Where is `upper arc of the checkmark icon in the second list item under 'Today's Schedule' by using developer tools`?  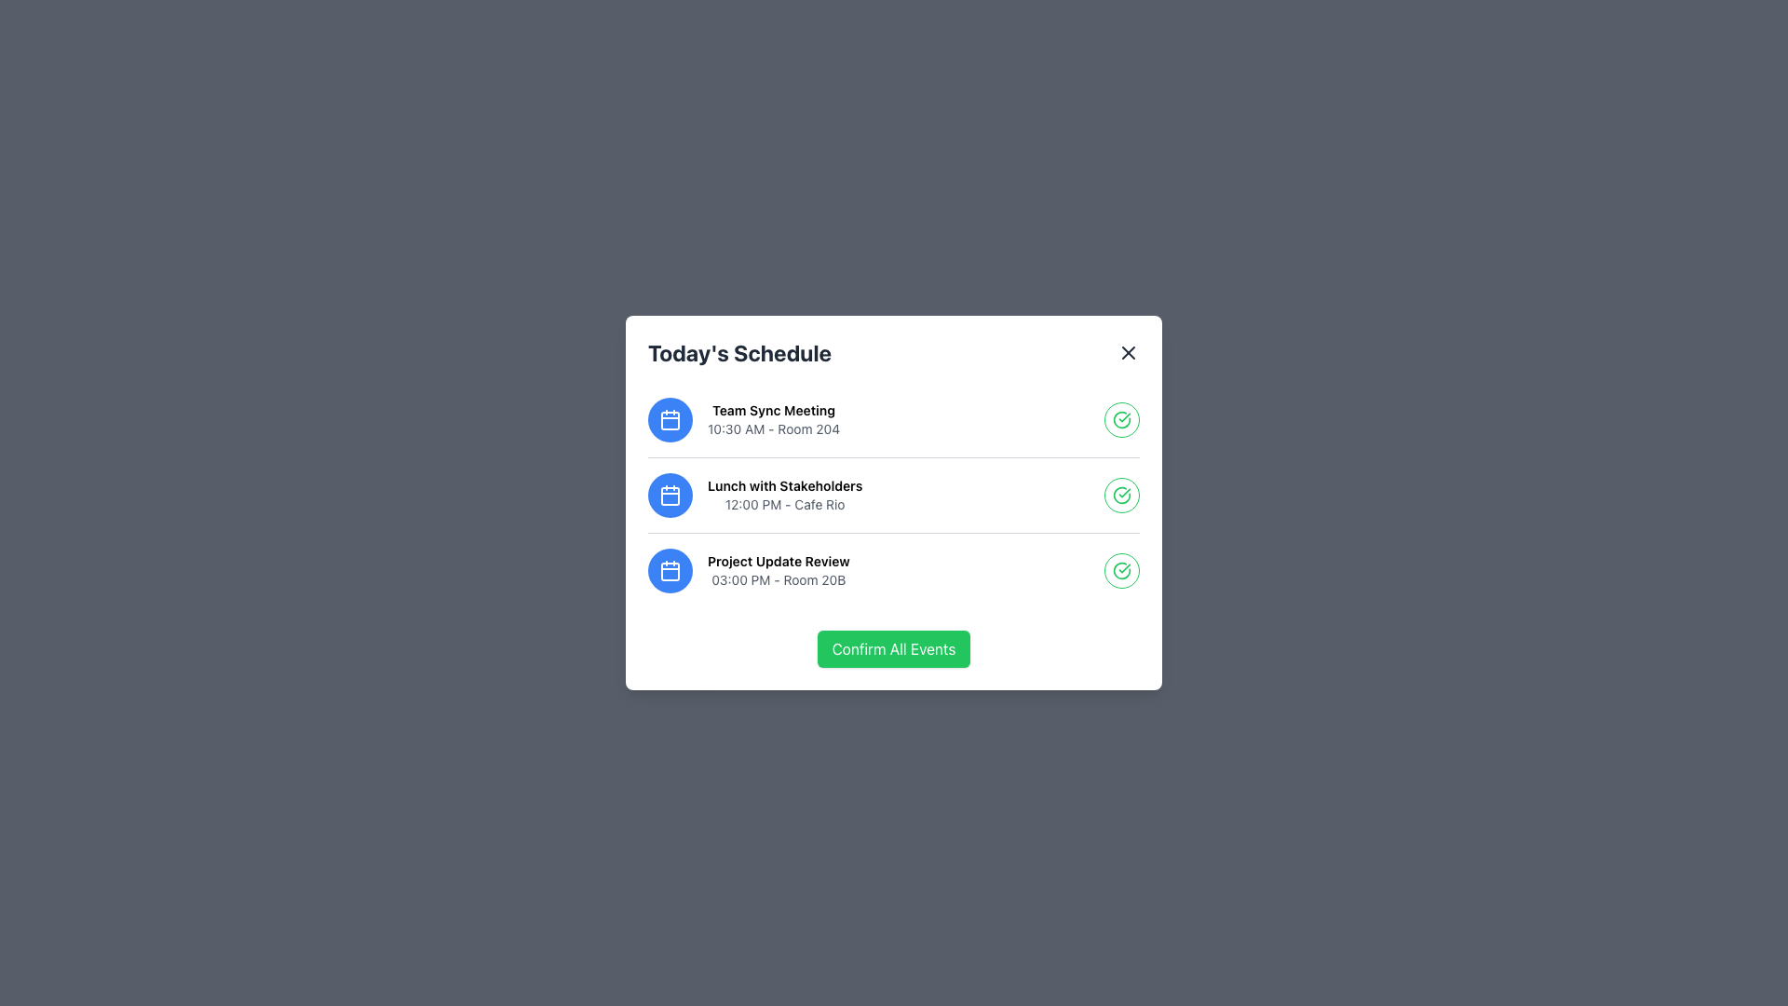
upper arc of the checkmark icon in the second list item under 'Today's Schedule' by using developer tools is located at coordinates (1120, 495).